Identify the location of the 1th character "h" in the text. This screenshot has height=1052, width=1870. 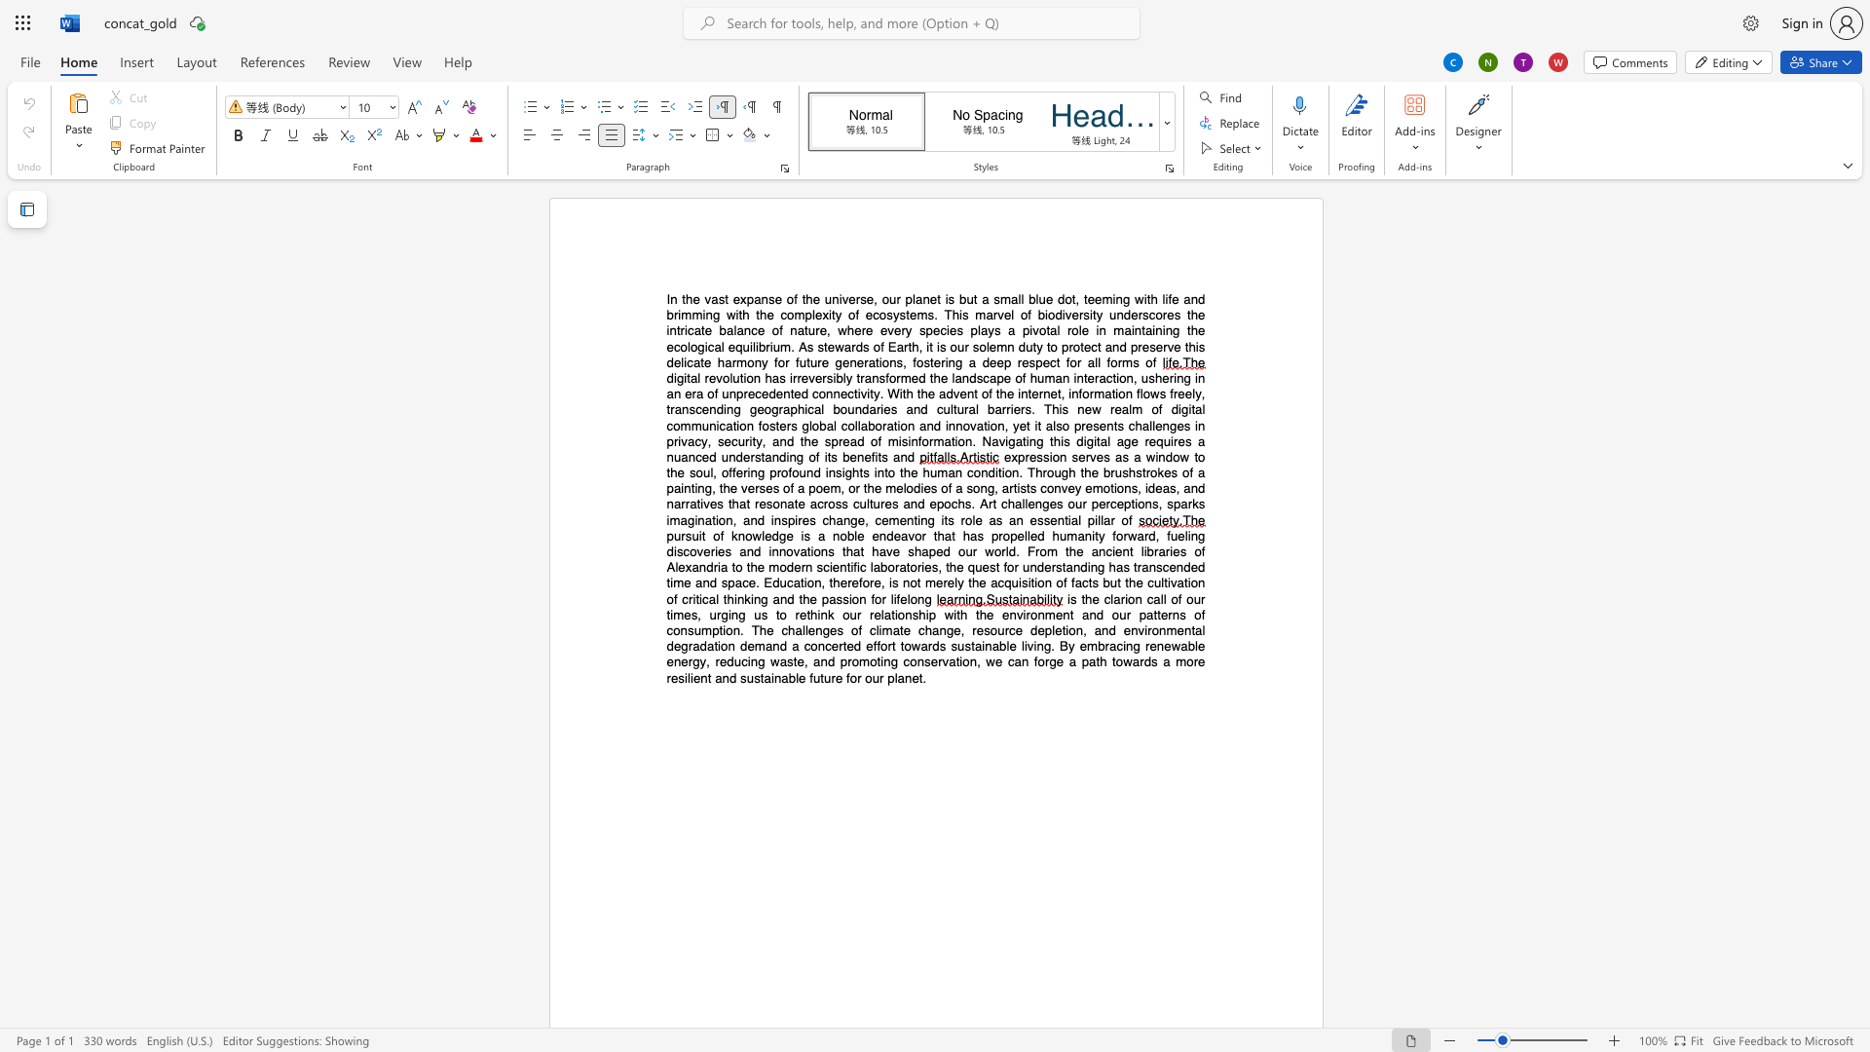
(941, 536).